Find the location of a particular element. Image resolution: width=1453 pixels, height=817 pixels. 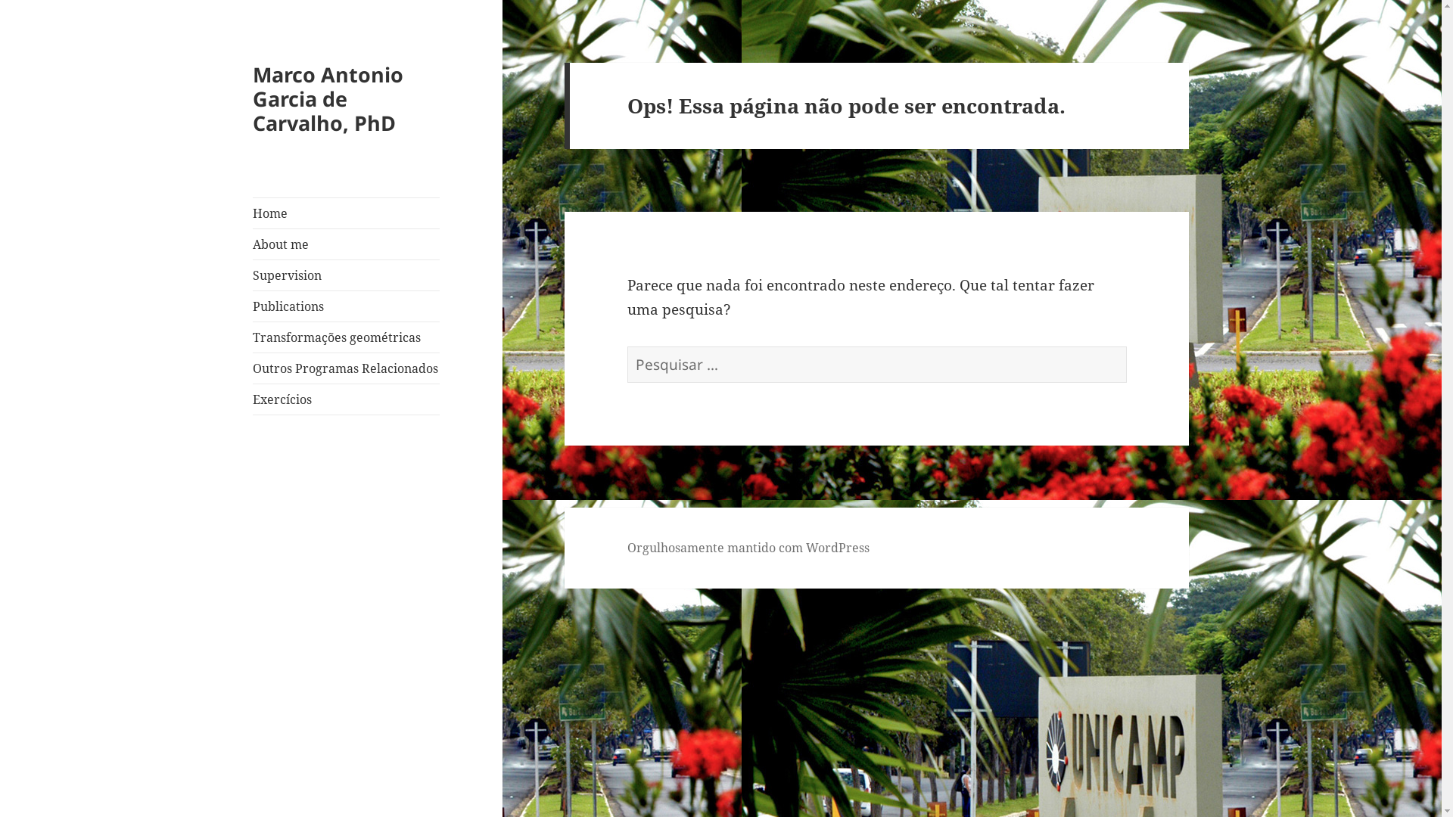

'Publications' is located at coordinates (345, 306).